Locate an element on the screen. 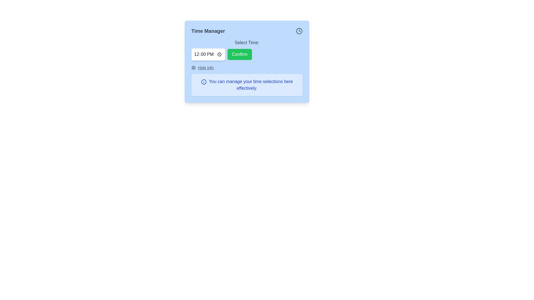 Image resolution: width=534 pixels, height=300 pixels. the SVG graphical component of the 'info' icon located beside the 'Time Manager' heading at the top-right corner of the interface is located at coordinates (204, 82).